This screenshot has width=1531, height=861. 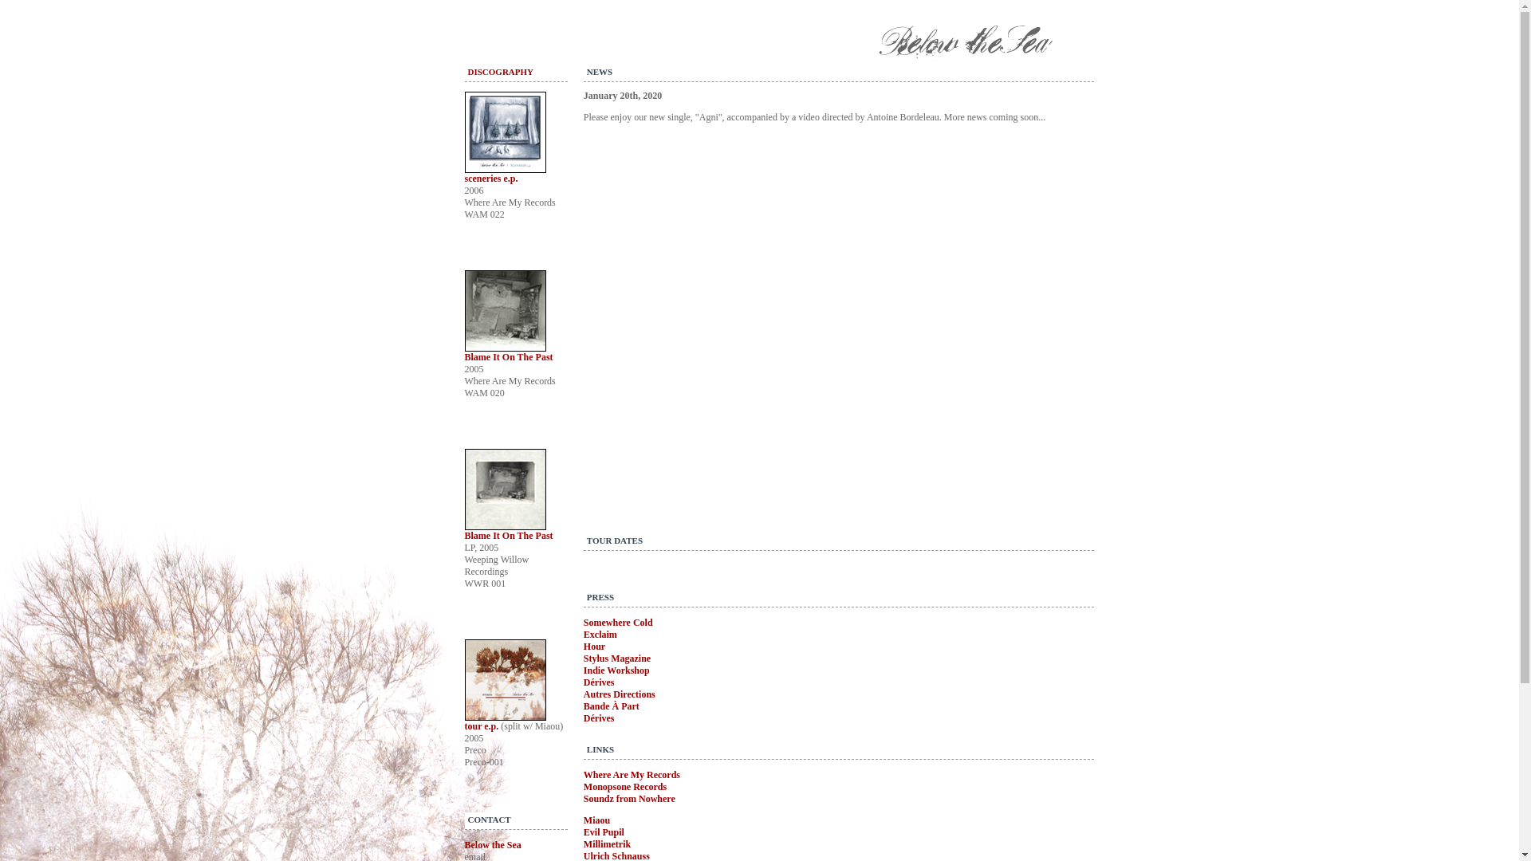 What do you see at coordinates (606, 843) in the screenshot?
I see `'Millimetrik'` at bounding box center [606, 843].